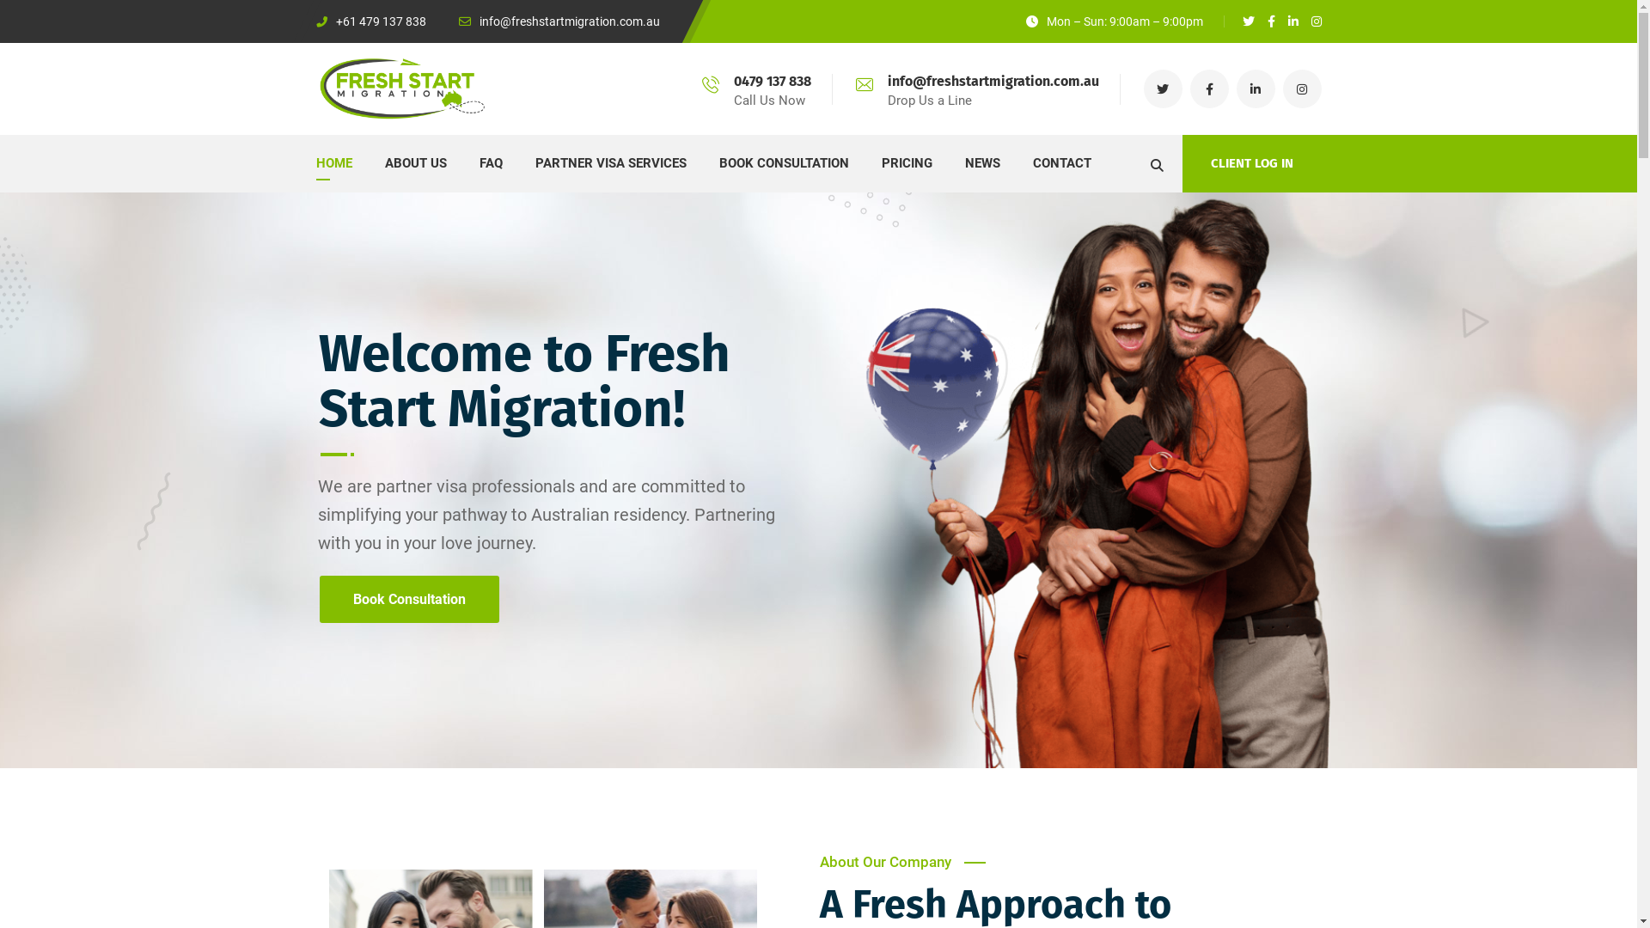 This screenshot has width=1650, height=928. Describe the element at coordinates (1252, 163) in the screenshot. I see `'CLIENT LOG IN'` at that location.